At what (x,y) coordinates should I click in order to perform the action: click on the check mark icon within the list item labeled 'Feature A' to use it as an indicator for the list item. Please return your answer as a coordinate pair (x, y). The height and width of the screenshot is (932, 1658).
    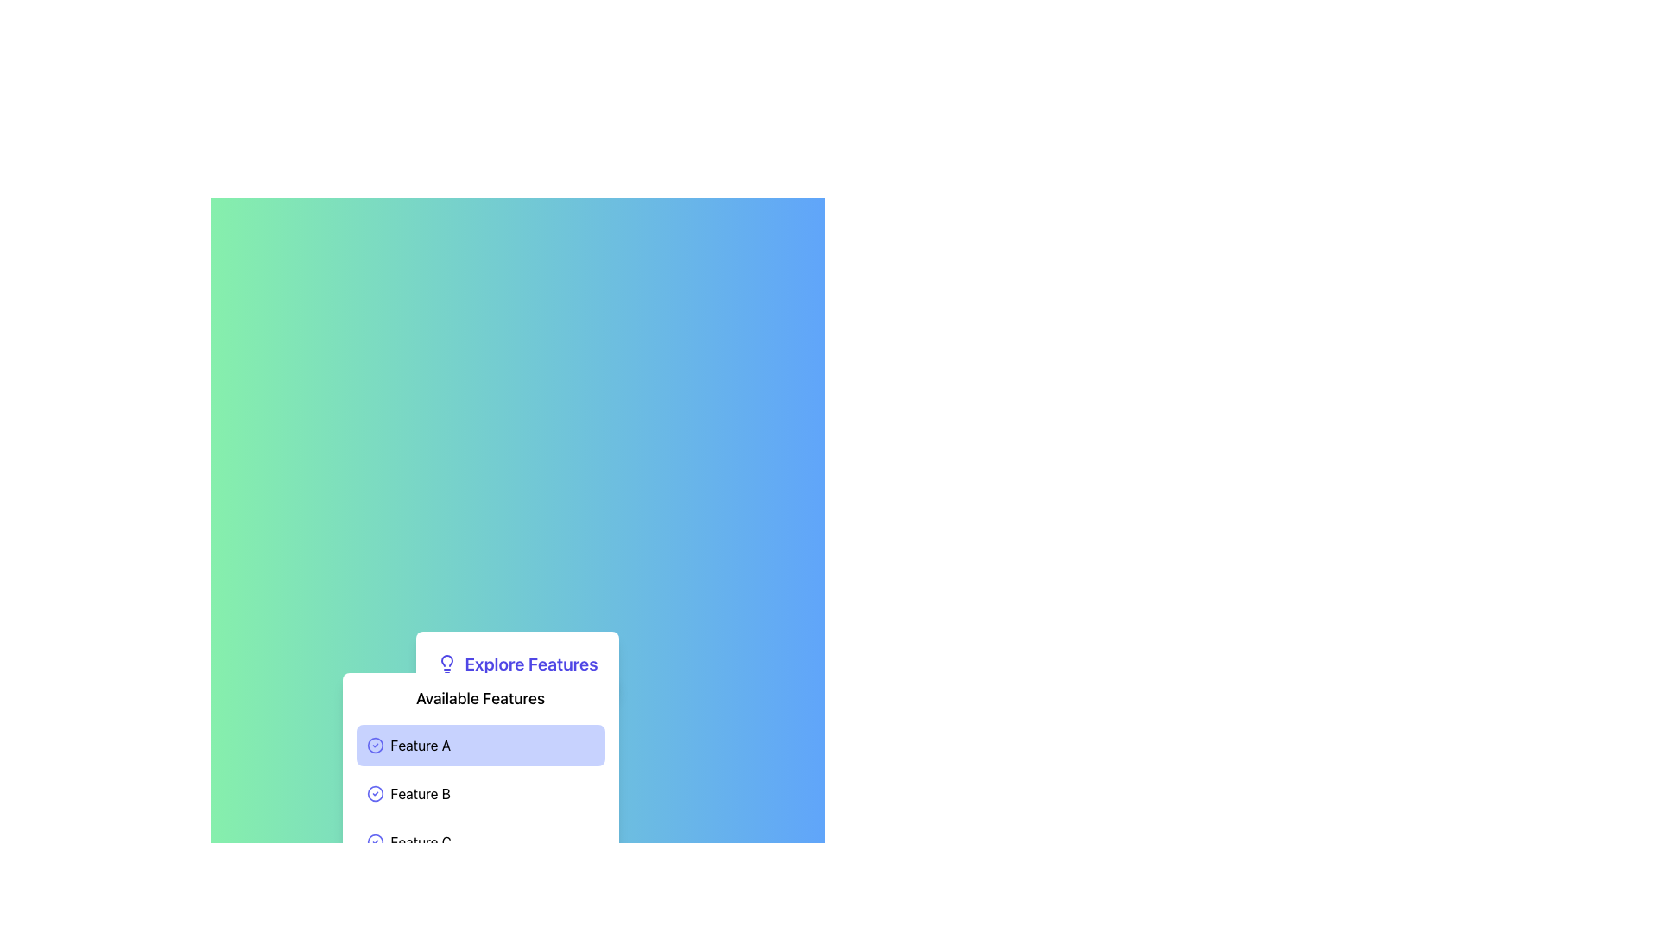
    Looking at the image, I should click on (374, 745).